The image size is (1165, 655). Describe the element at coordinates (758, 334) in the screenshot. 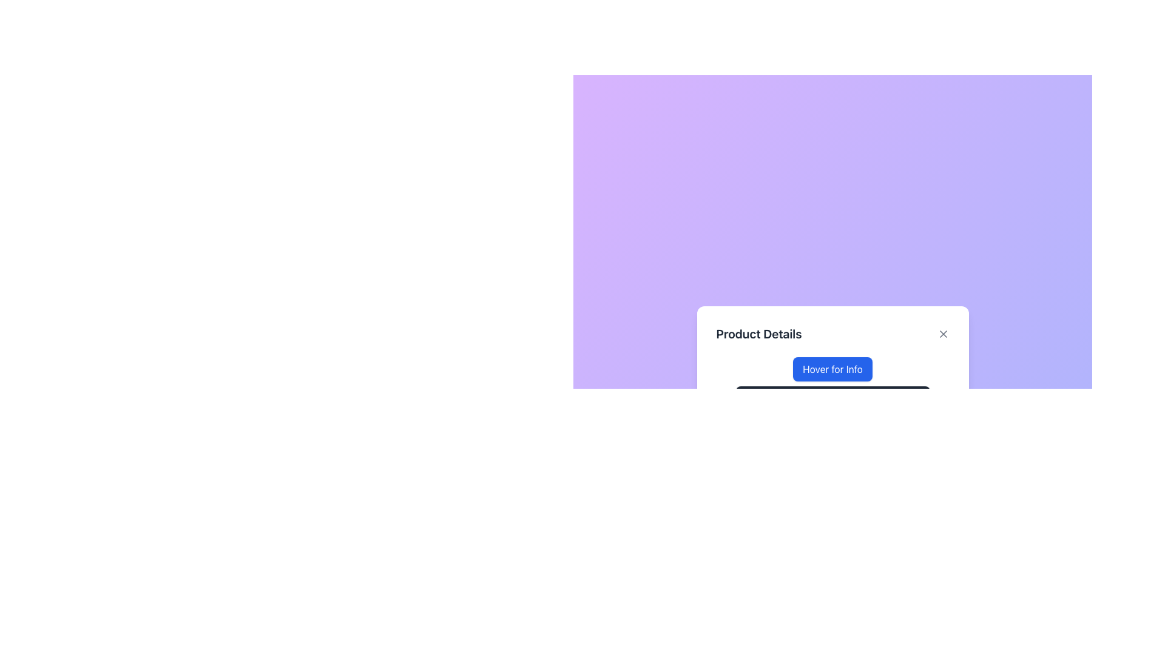

I see `the 'Product Details' text label` at that location.